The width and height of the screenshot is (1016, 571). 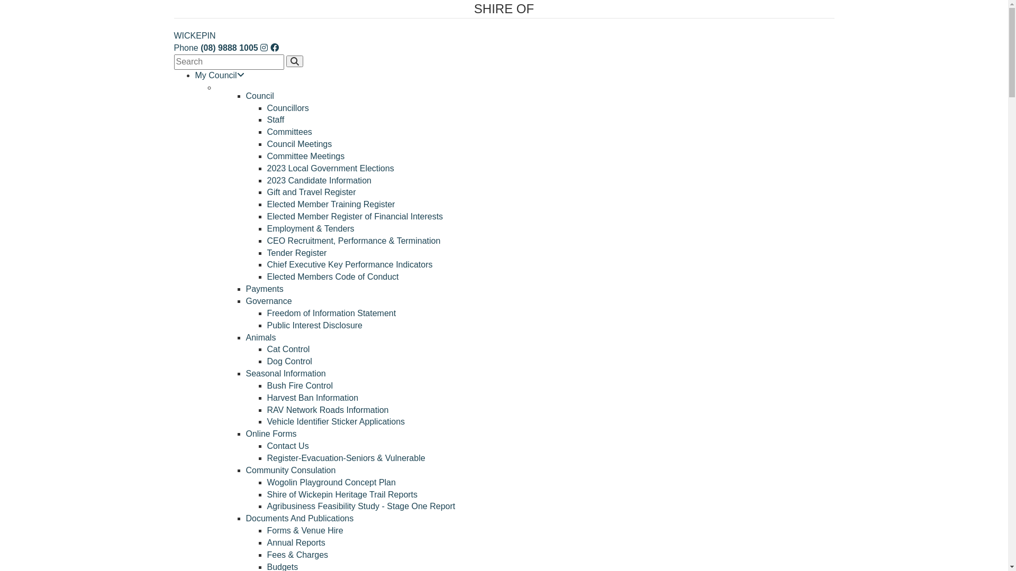 What do you see at coordinates (299, 518) in the screenshot?
I see `'Documents And Publications'` at bounding box center [299, 518].